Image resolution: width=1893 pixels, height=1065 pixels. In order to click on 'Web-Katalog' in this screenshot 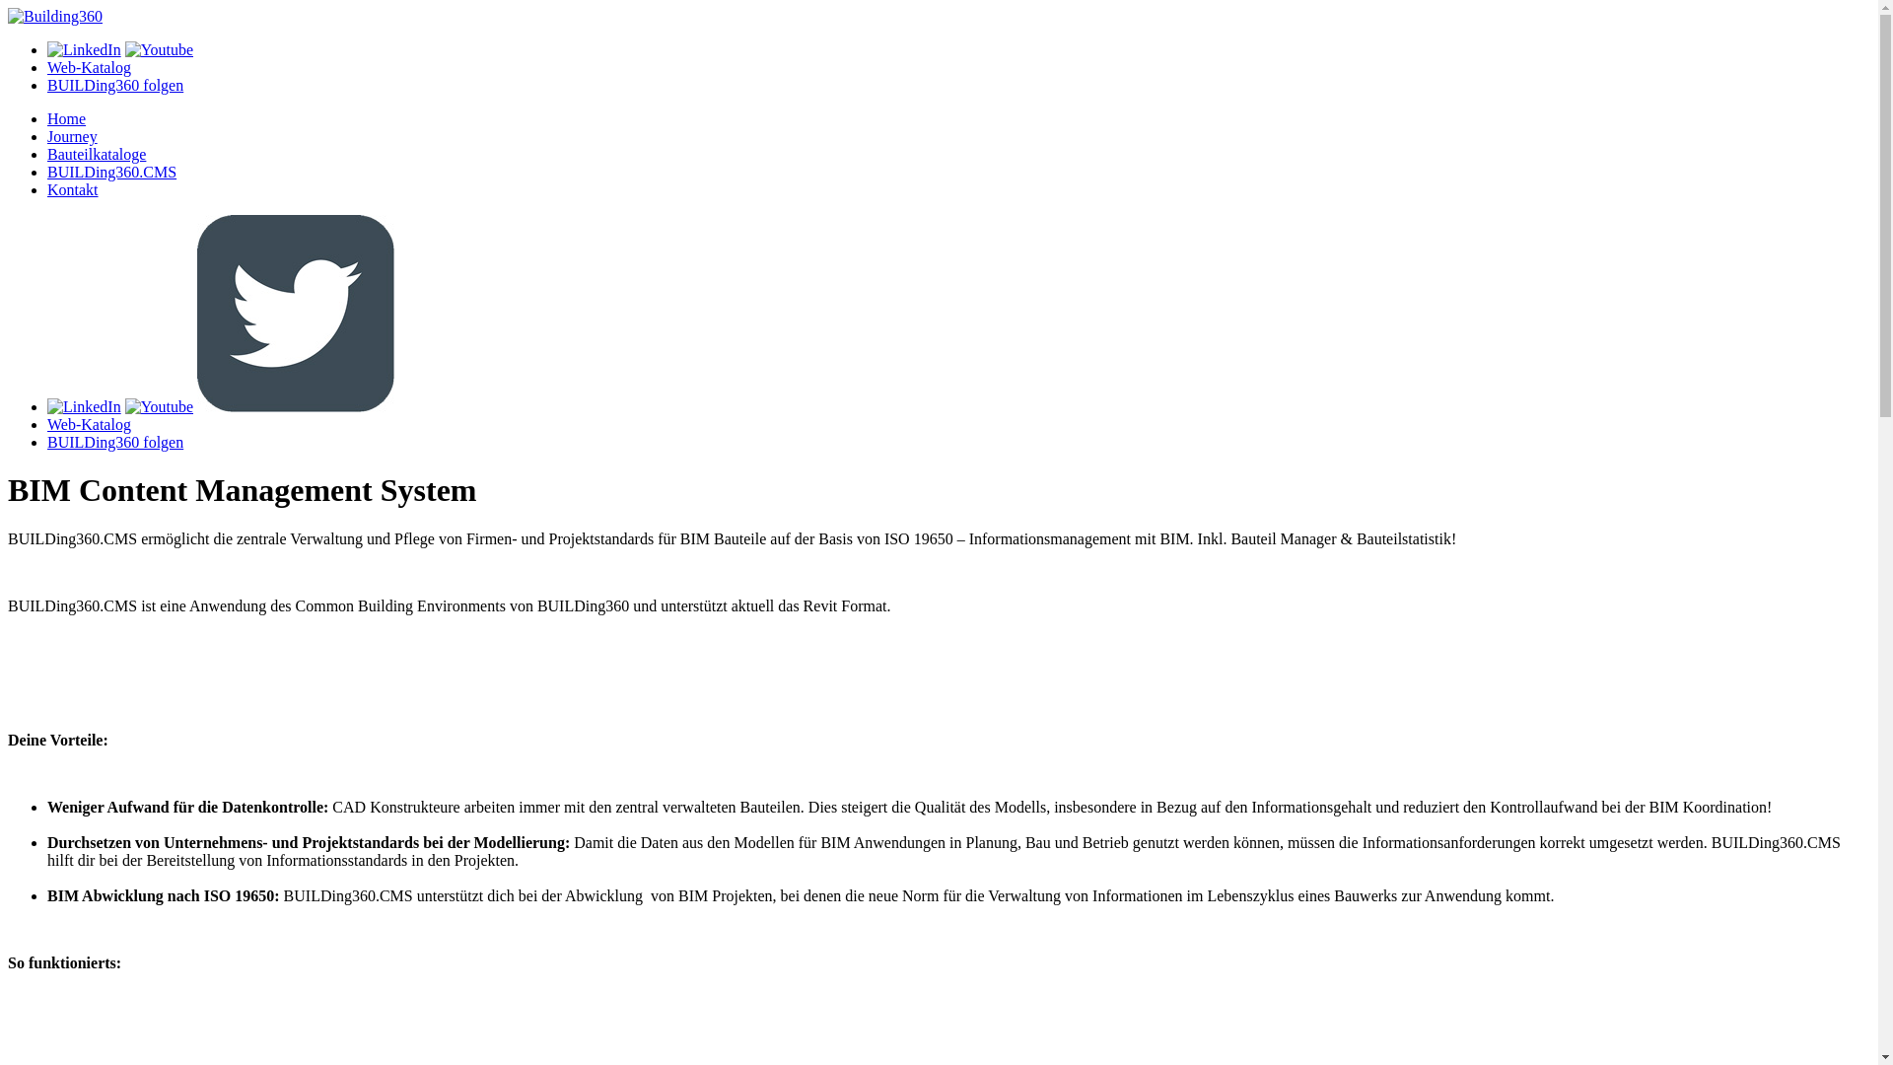, I will do `click(47, 423)`.